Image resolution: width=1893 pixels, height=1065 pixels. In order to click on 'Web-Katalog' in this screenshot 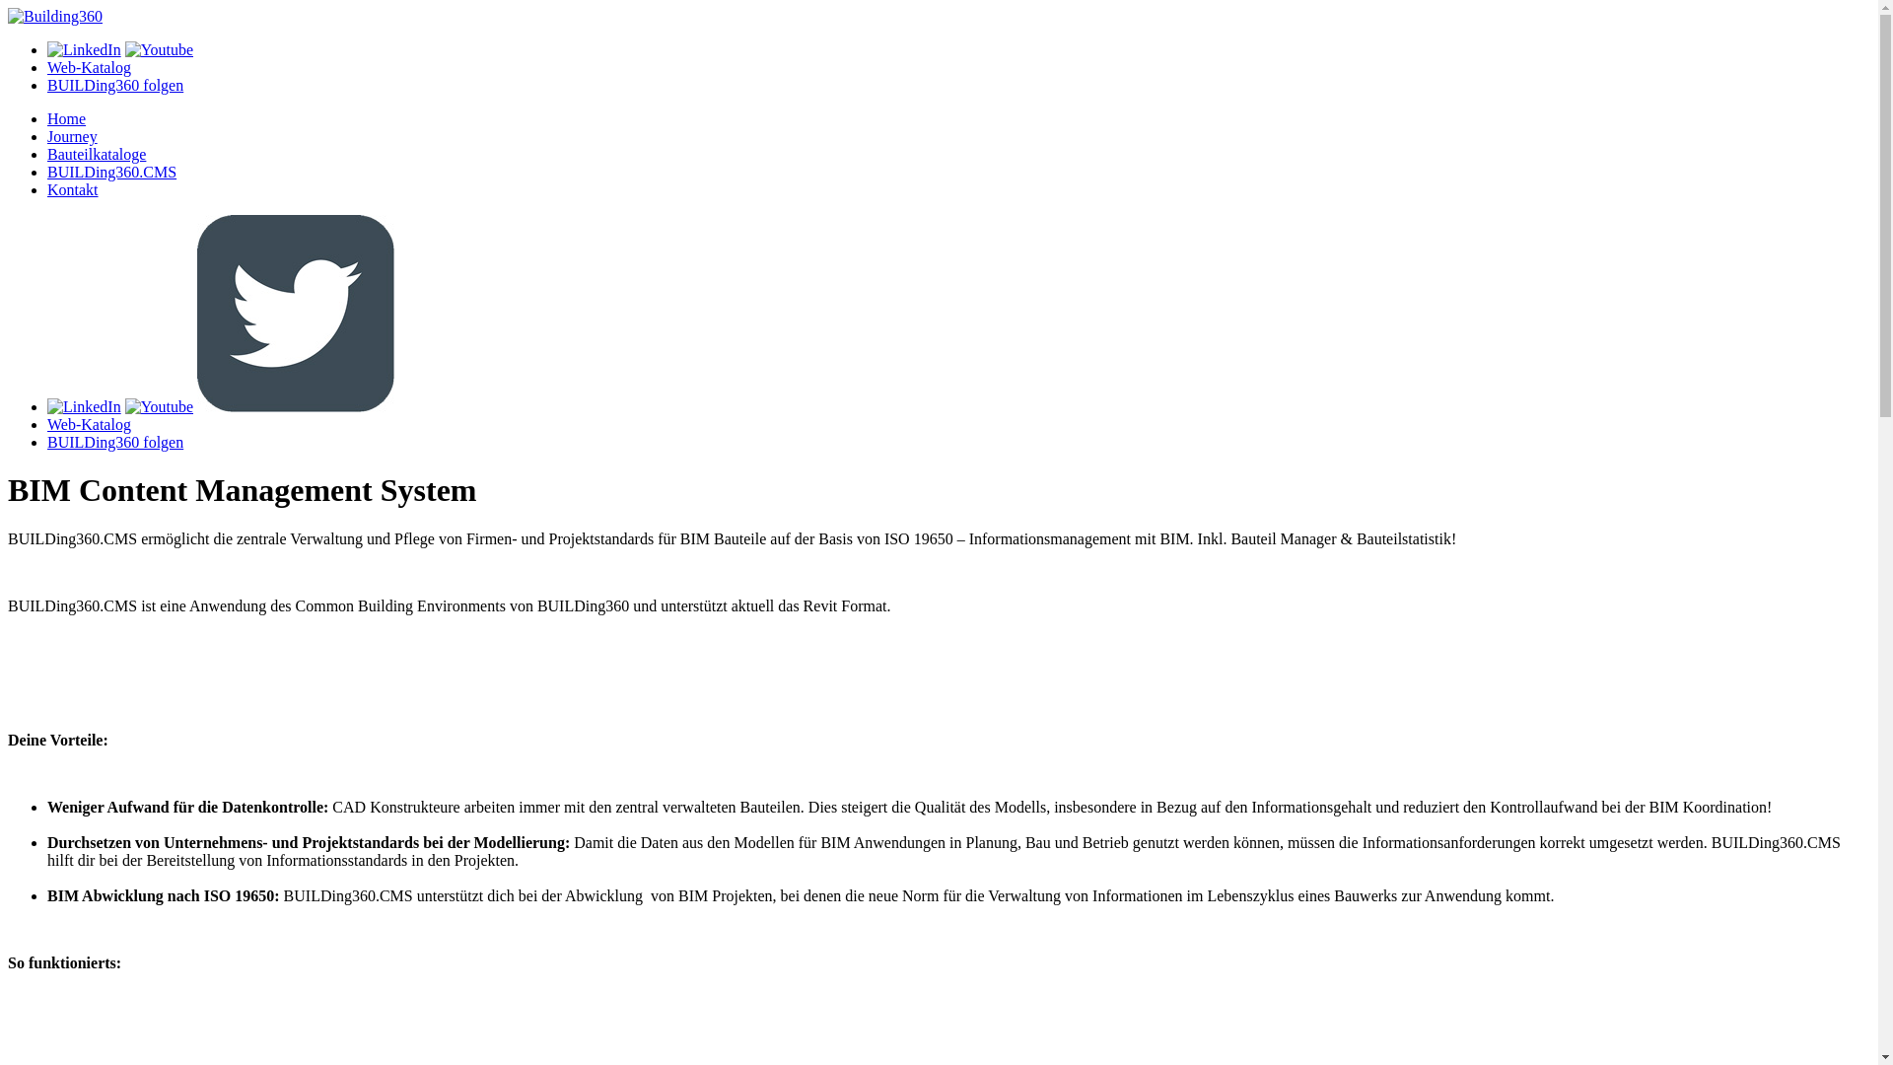, I will do `click(47, 423)`.